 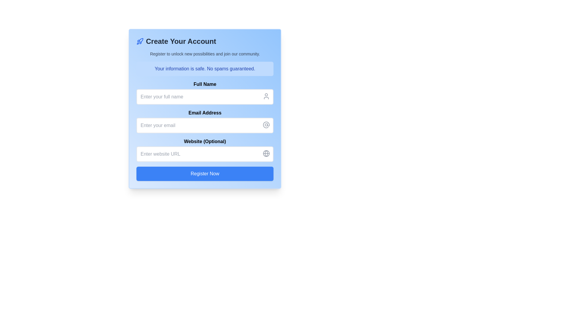 What do you see at coordinates (266, 153) in the screenshot?
I see `the globe icon button located in the top-right corner of the 'Website (Optional)' input field` at bounding box center [266, 153].